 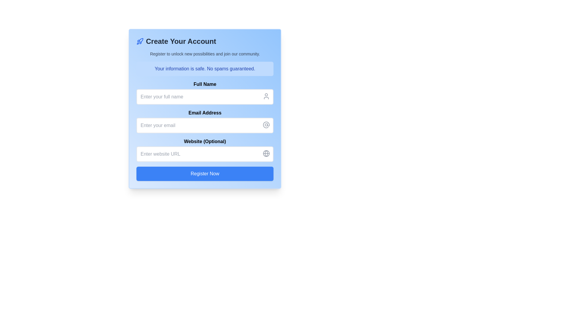 What do you see at coordinates (266, 153) in the screenshot?
I see `the globe icon button located in the top-right corner of the 'Website (Optional)' input field` at bounding box center [266, 153].